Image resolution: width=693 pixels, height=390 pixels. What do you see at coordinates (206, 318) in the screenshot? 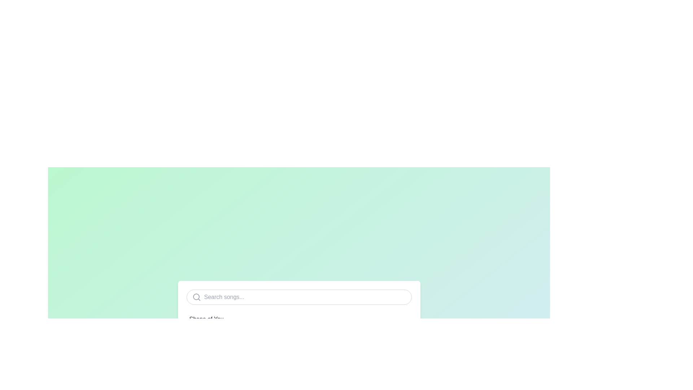
I see `the song title text element located just below the search bar, which displays the title of a song, positioned above the text 'Ed Sheeran'` at bounding box center [206, 318].